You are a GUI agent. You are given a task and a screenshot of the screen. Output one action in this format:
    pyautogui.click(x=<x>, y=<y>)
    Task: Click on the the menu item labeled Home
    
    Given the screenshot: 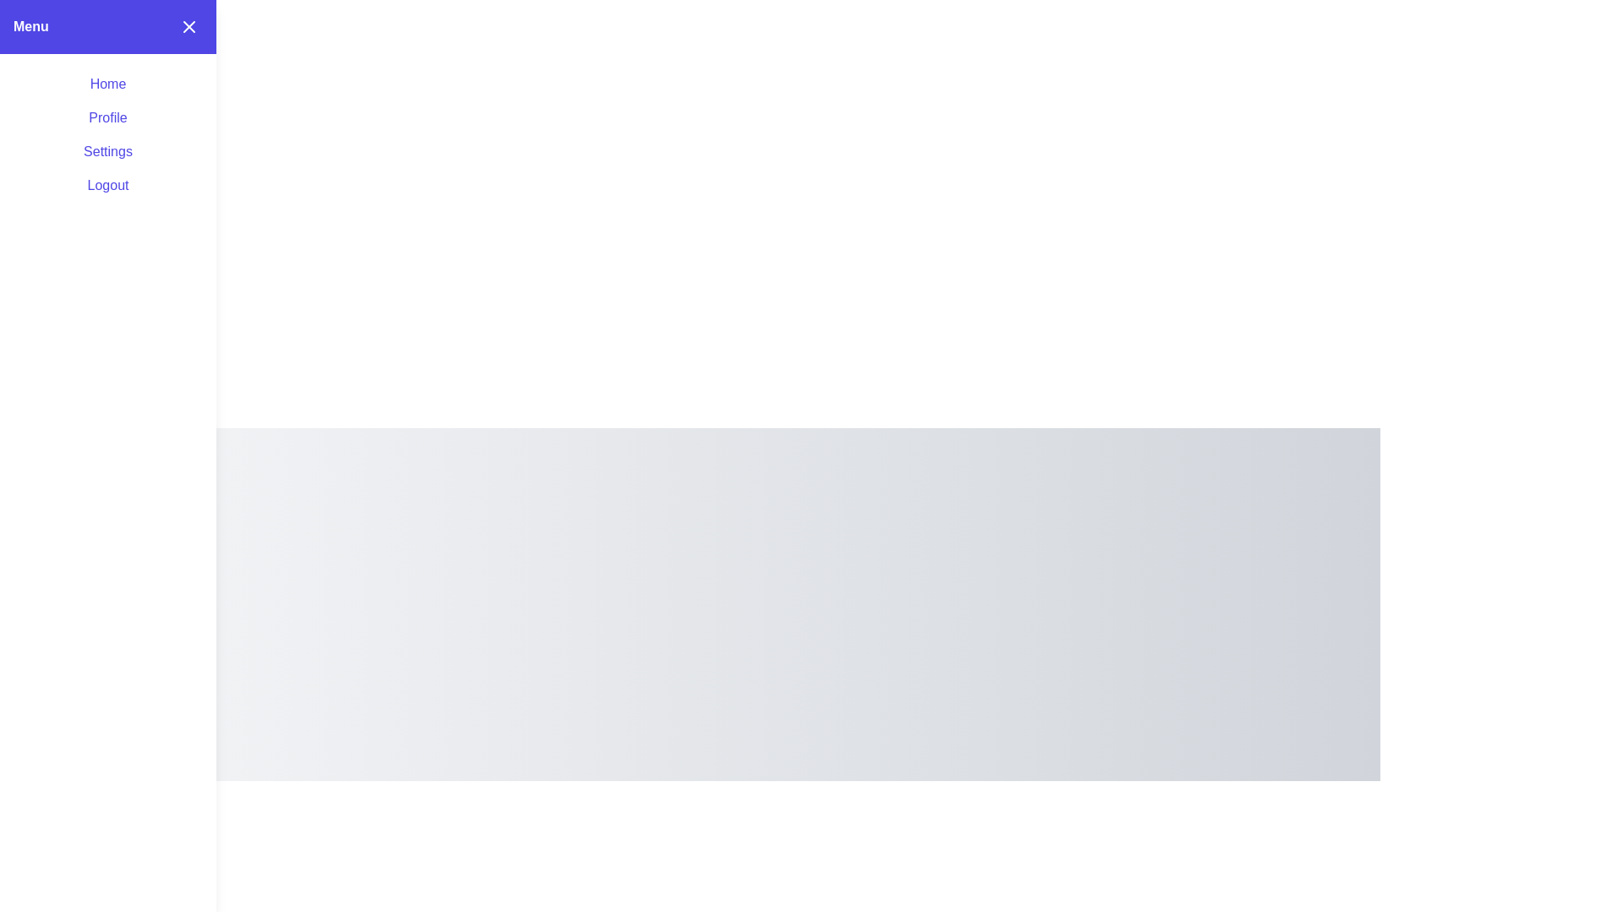 What is the action you would take?
    pyautogui.click(x=107, y=84)
    